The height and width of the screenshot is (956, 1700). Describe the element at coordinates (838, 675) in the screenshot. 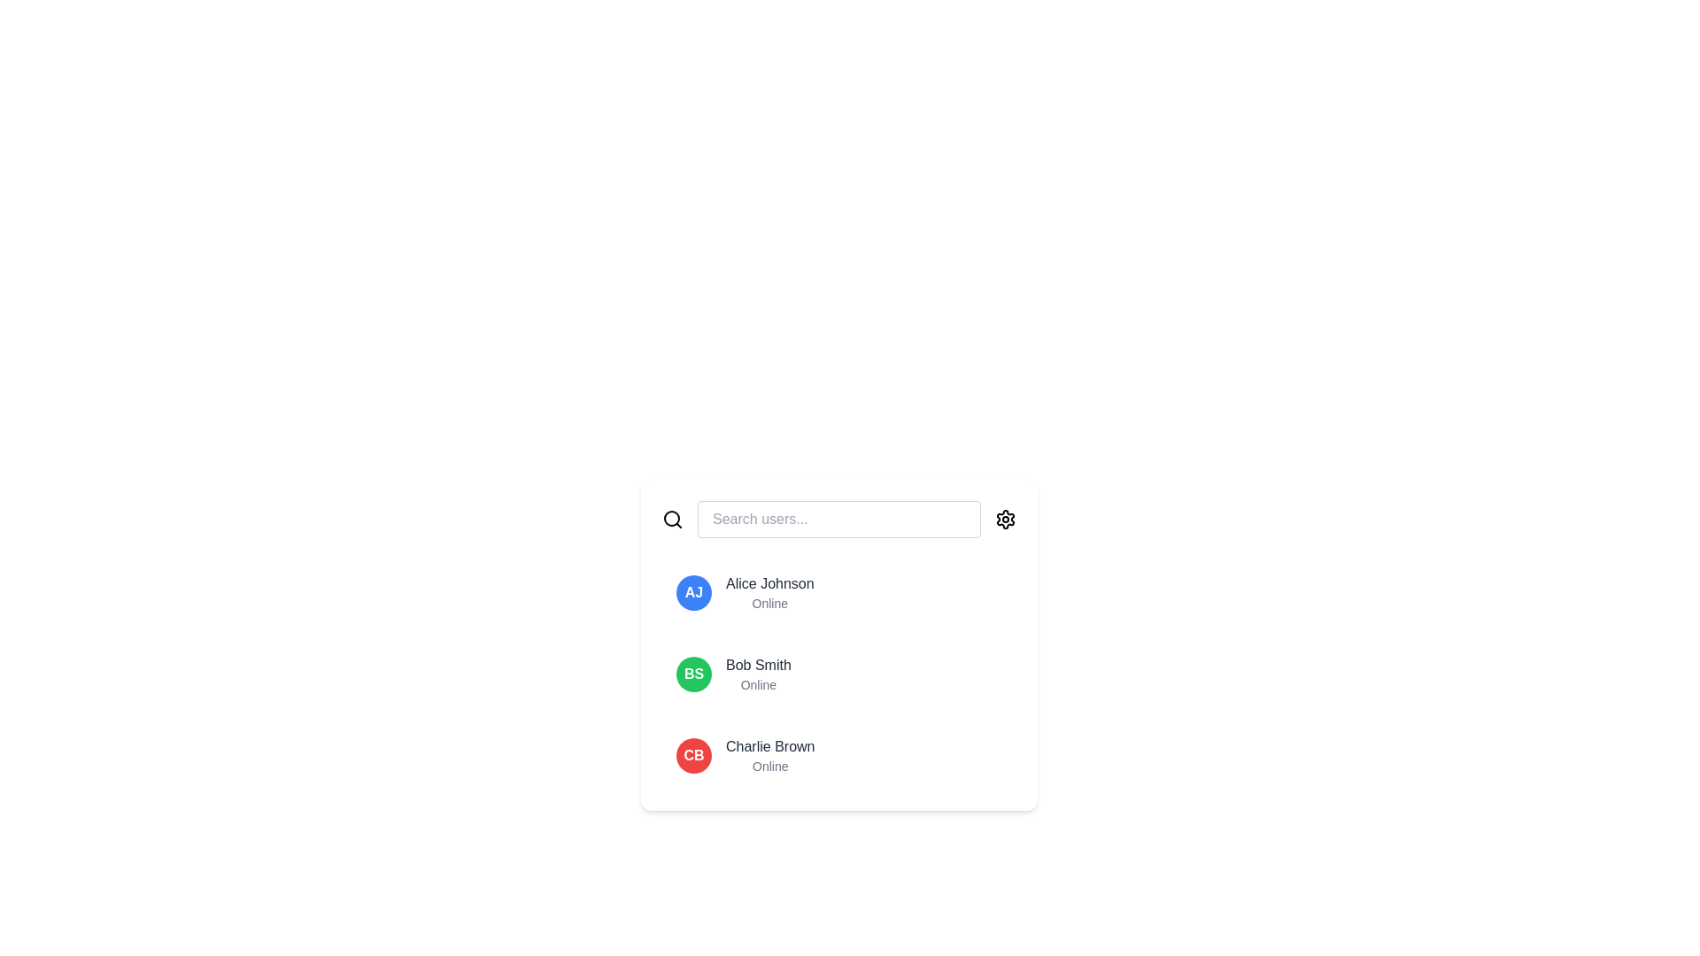

I see `the second Profile card in the list, which displays the user's initials, full name, and online status` at that location.